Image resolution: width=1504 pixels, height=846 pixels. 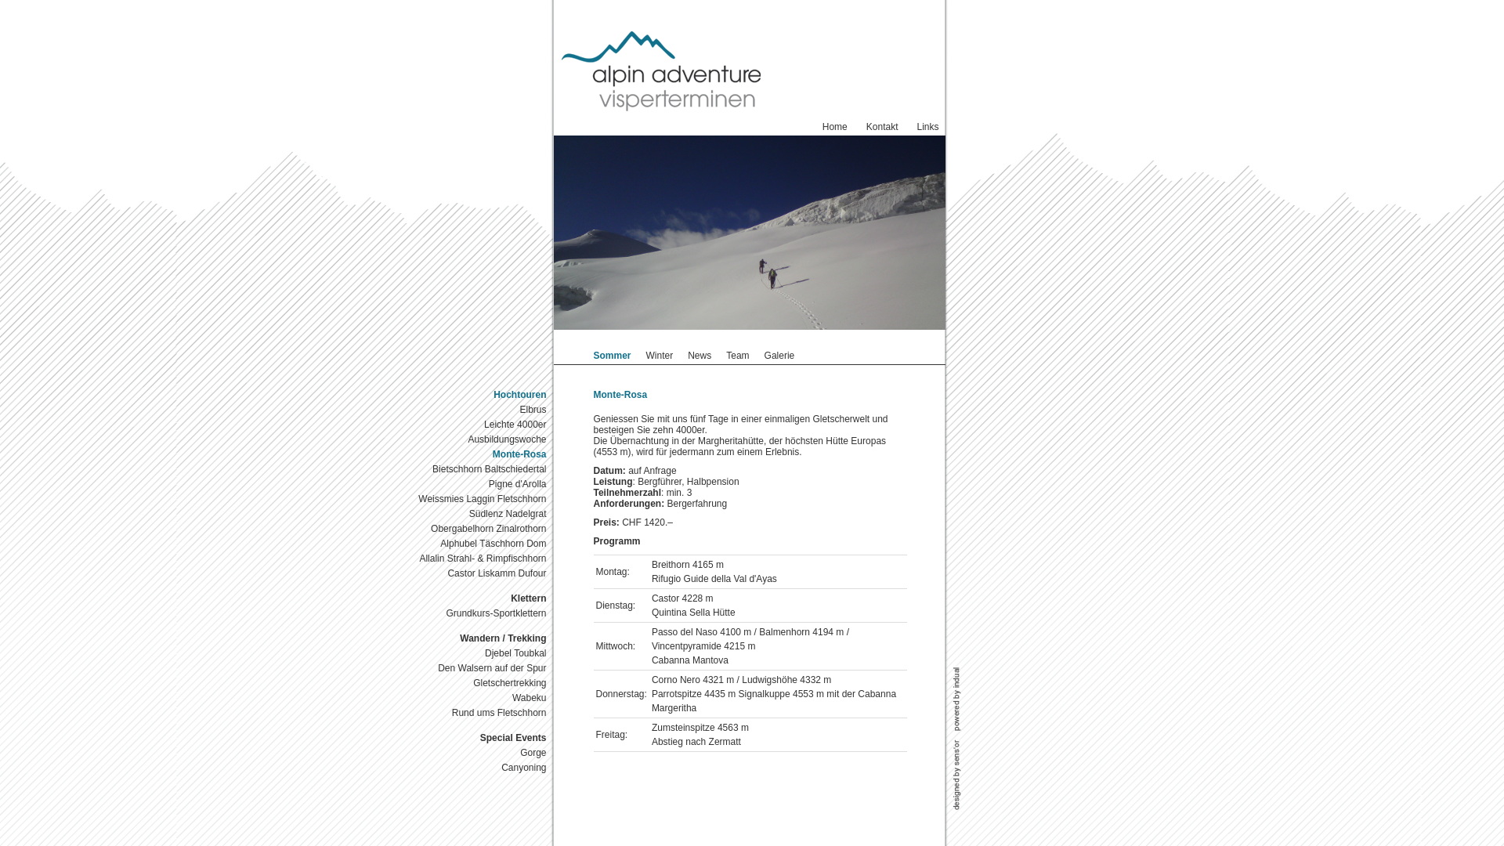 What do you see at coordinates (612, 356) in the screenshot?
I see `'Sommer'` at bounding box center [612, 356].